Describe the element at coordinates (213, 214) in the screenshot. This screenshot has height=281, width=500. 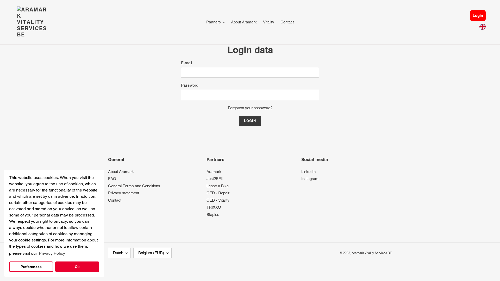
I see `'Staples'` at that location.